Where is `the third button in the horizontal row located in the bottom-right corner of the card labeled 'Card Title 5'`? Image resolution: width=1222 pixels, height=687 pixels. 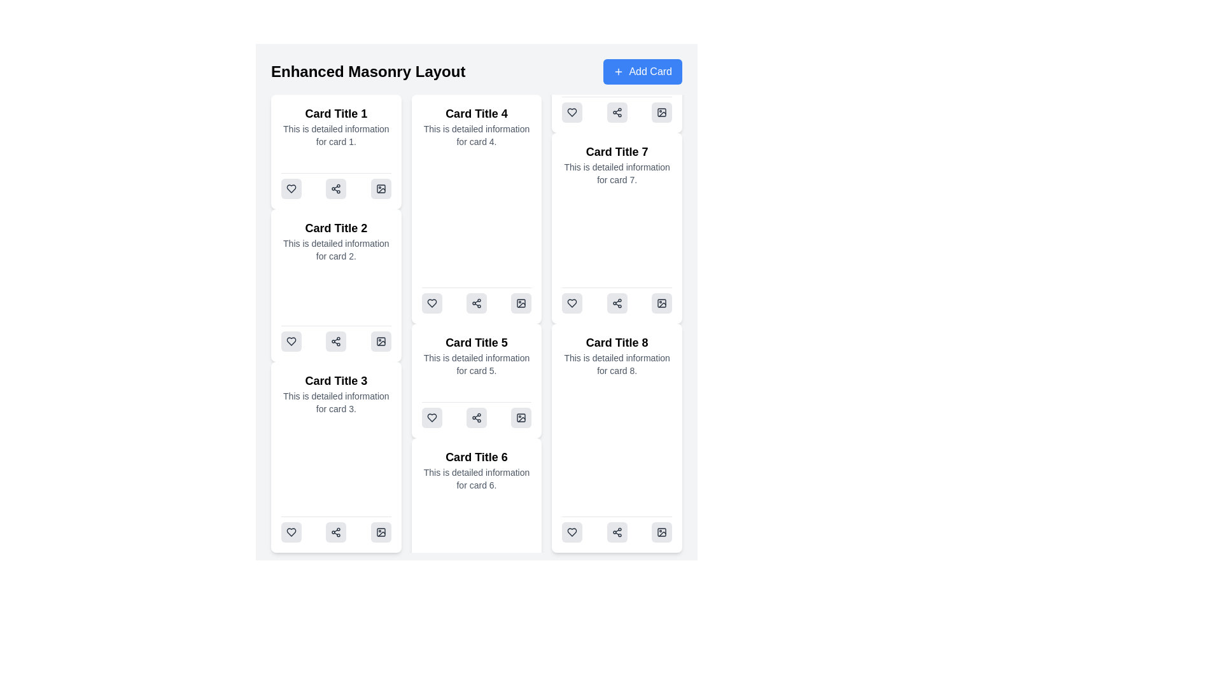
the third button in the horizontal row located in the bottom-right corner of the card labeled 'Card Title 5' is located at coordinates (521, 417).